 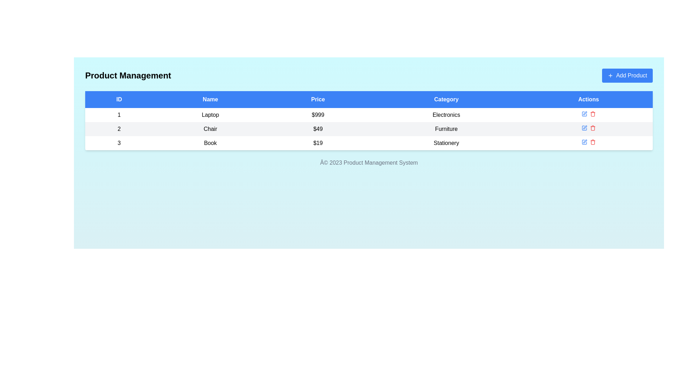 I want to click on the numeric identifier text label '3' located in the first column of the third row under the 'ID' column of the table, so click(x=119, y=143).